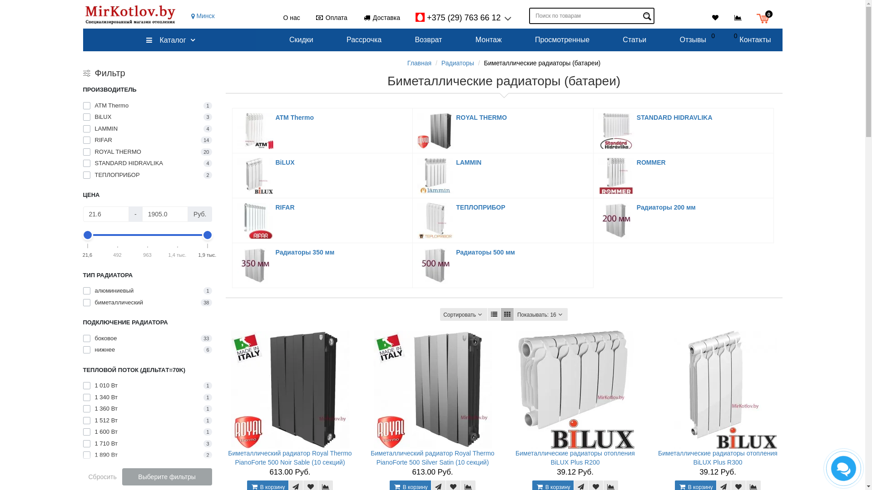  Describe the element at coordinates (651, 162) in the screenshot. I see `'ROMMER'` at that location.